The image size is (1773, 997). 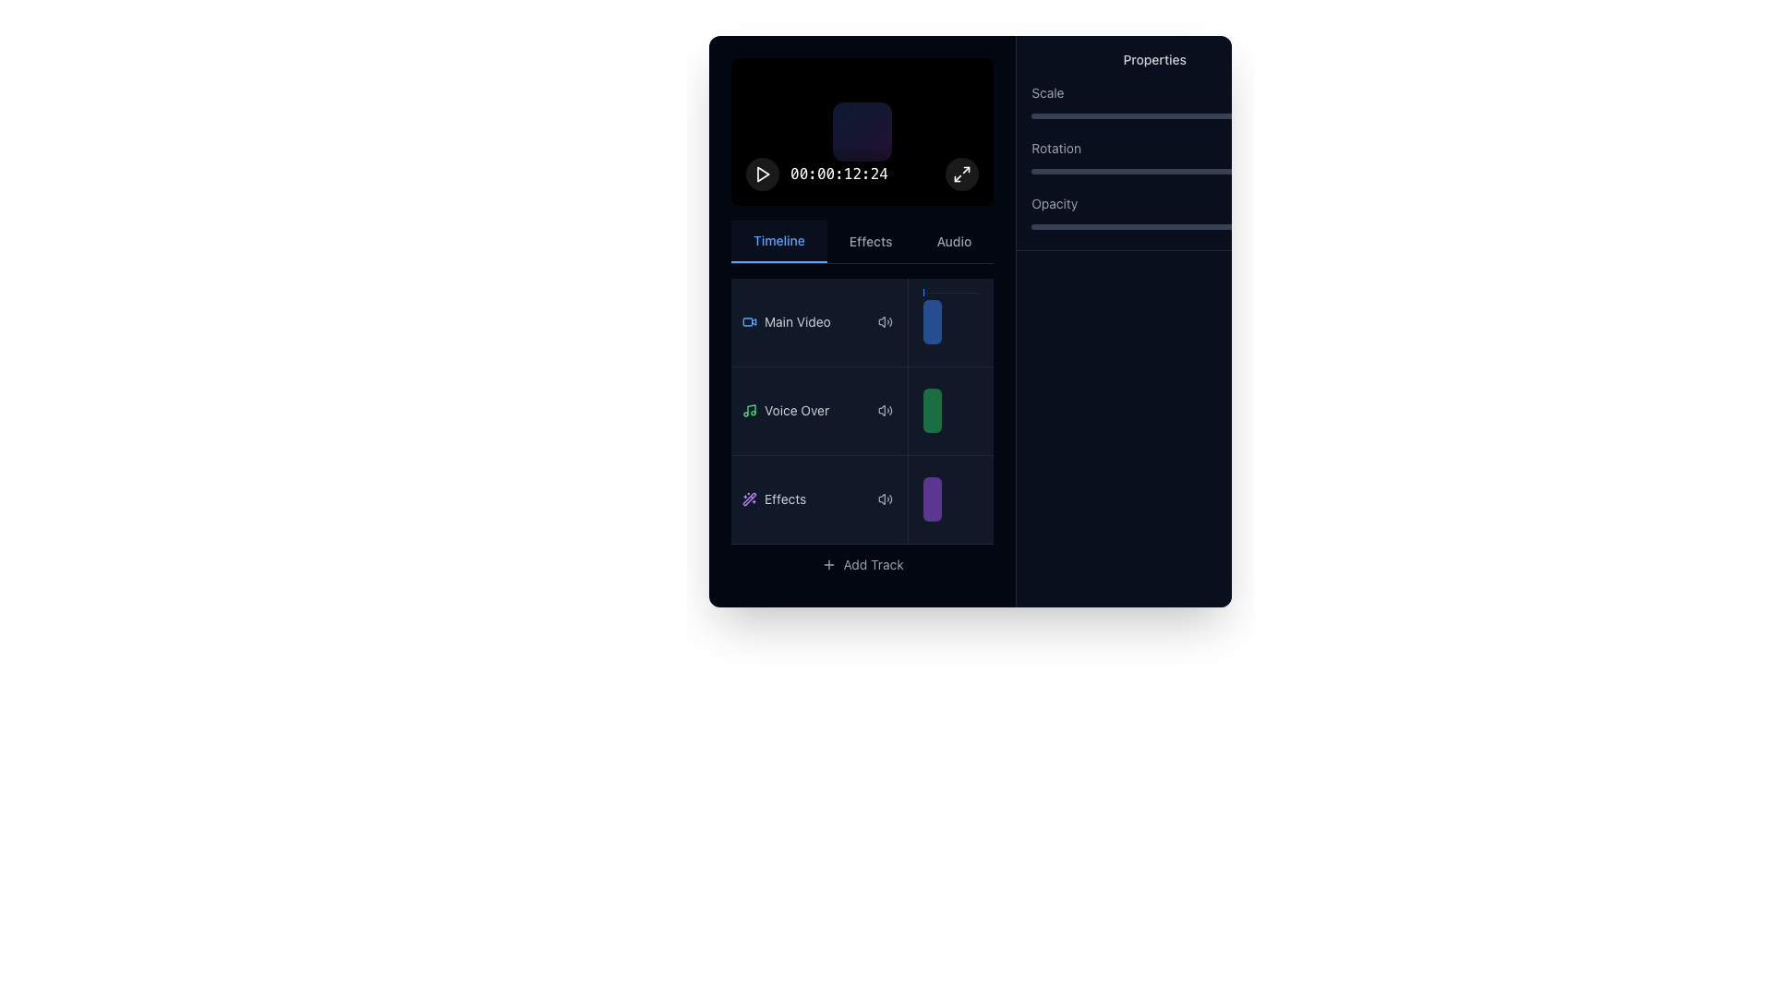 I want to click on the 'Add New Track' button located at the bottom of the 'Timeline' panel, below the 'Effects' section, so click(x=862, y=563).